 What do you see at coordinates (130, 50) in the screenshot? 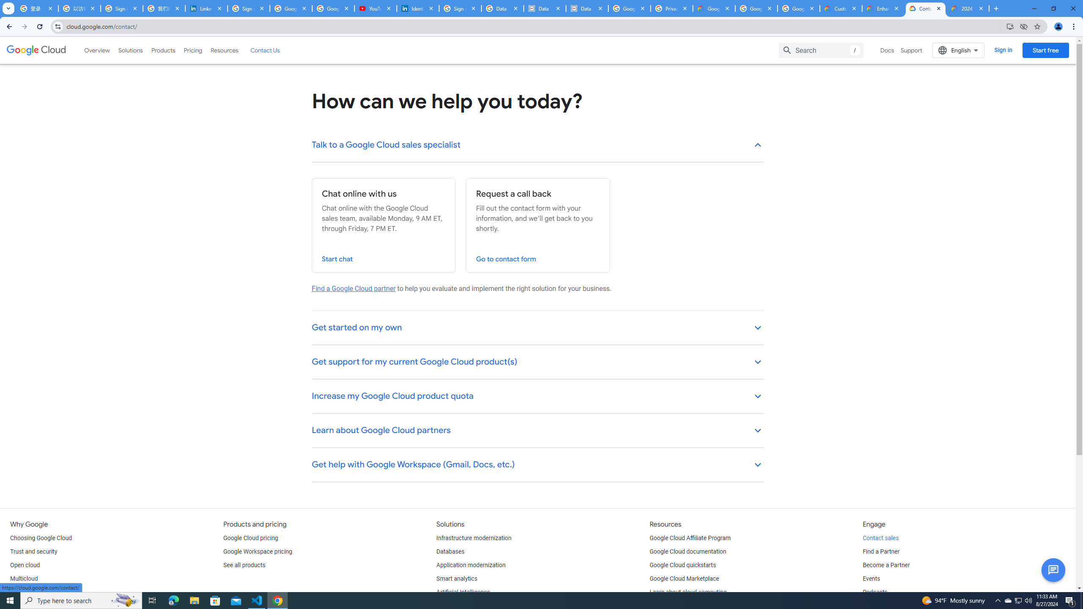
I see `'Solutions'` at bounding box center [130, 50].